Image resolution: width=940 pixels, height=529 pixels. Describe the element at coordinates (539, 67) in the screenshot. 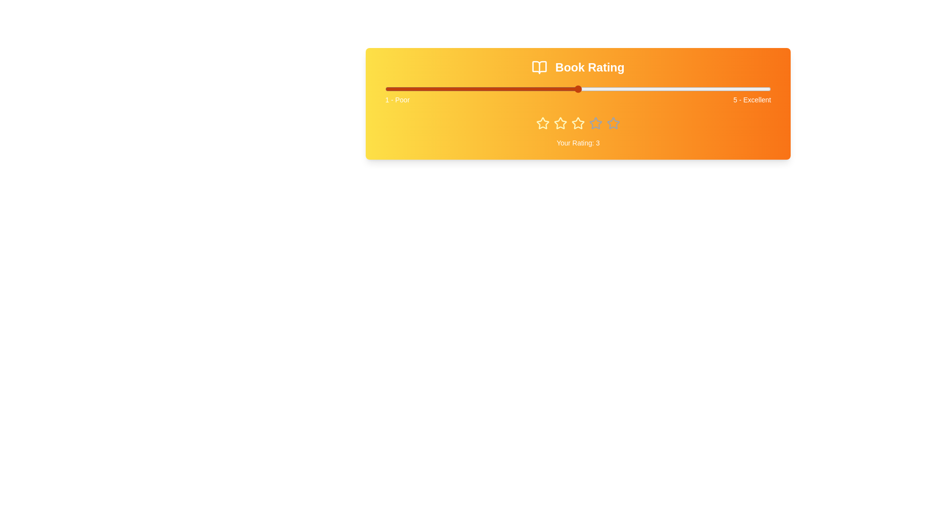

I see `the decorative 'Book Rating' icon located at the top of the layout interface` at that location.